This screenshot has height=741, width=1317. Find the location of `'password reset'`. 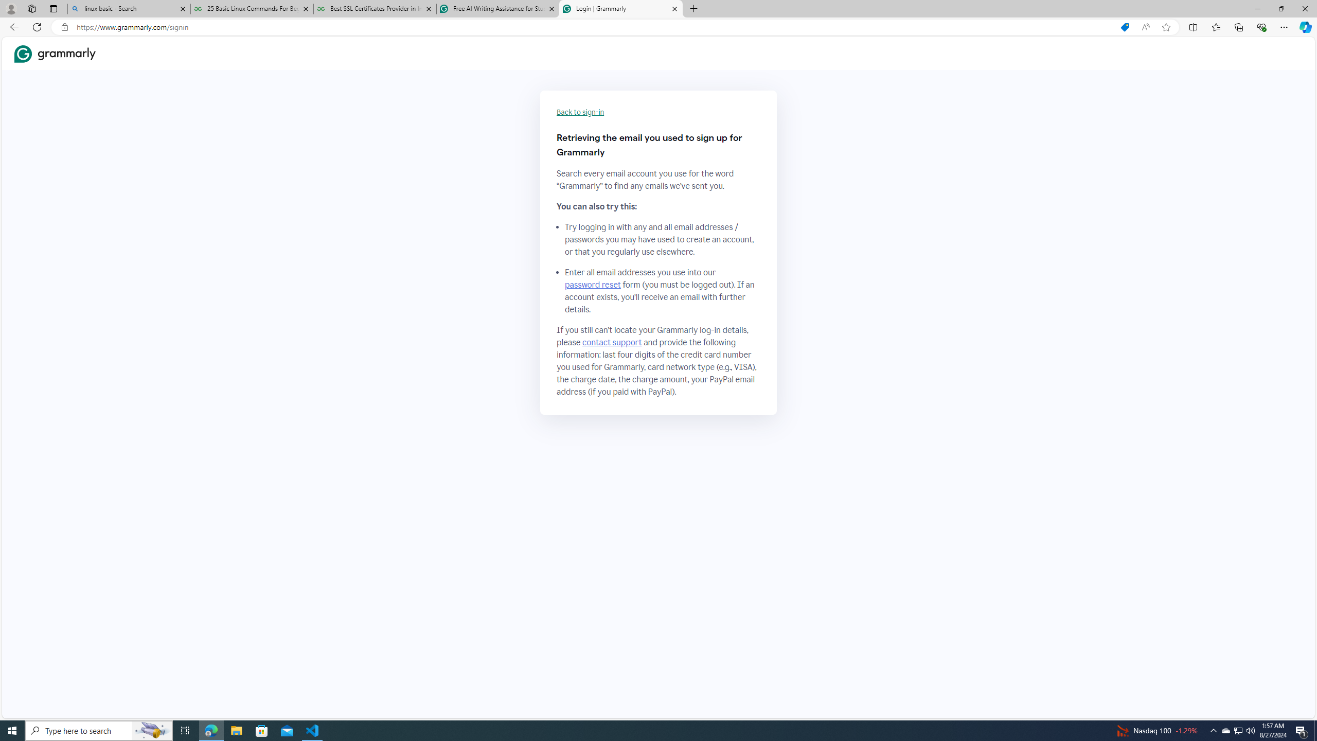

'password reset' is located at coordinates (592, 284).